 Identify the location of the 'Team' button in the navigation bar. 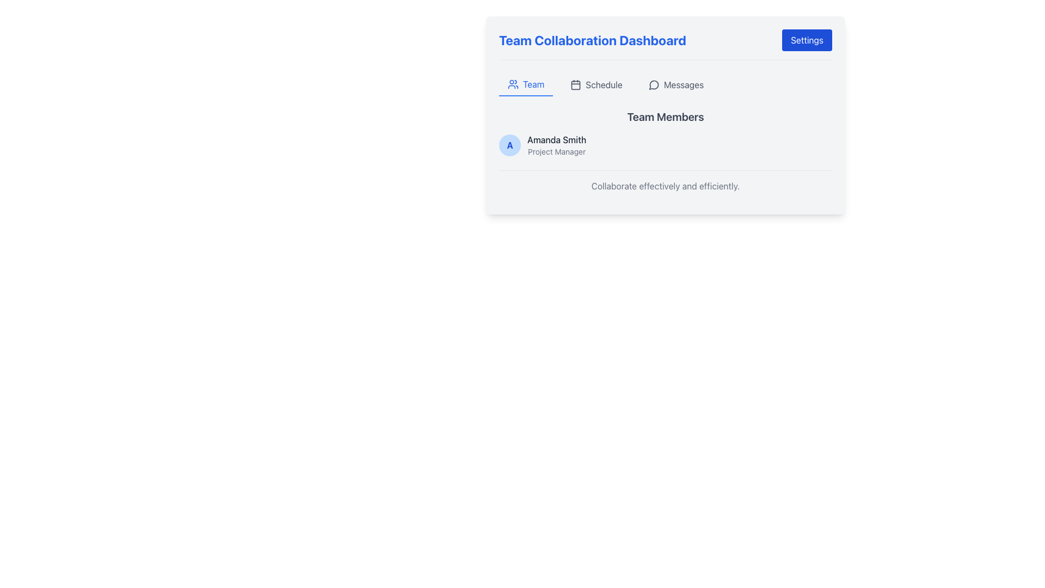
(526, 84).